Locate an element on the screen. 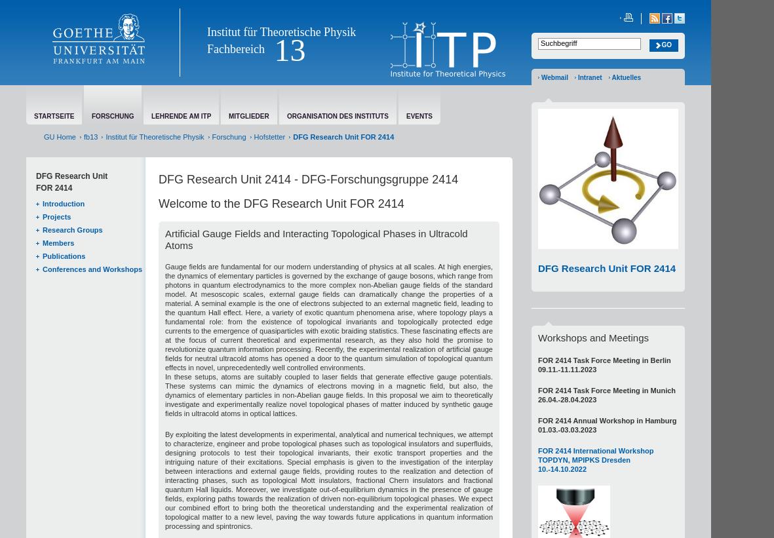  'Startseite' is located at coordinates (53, 116).